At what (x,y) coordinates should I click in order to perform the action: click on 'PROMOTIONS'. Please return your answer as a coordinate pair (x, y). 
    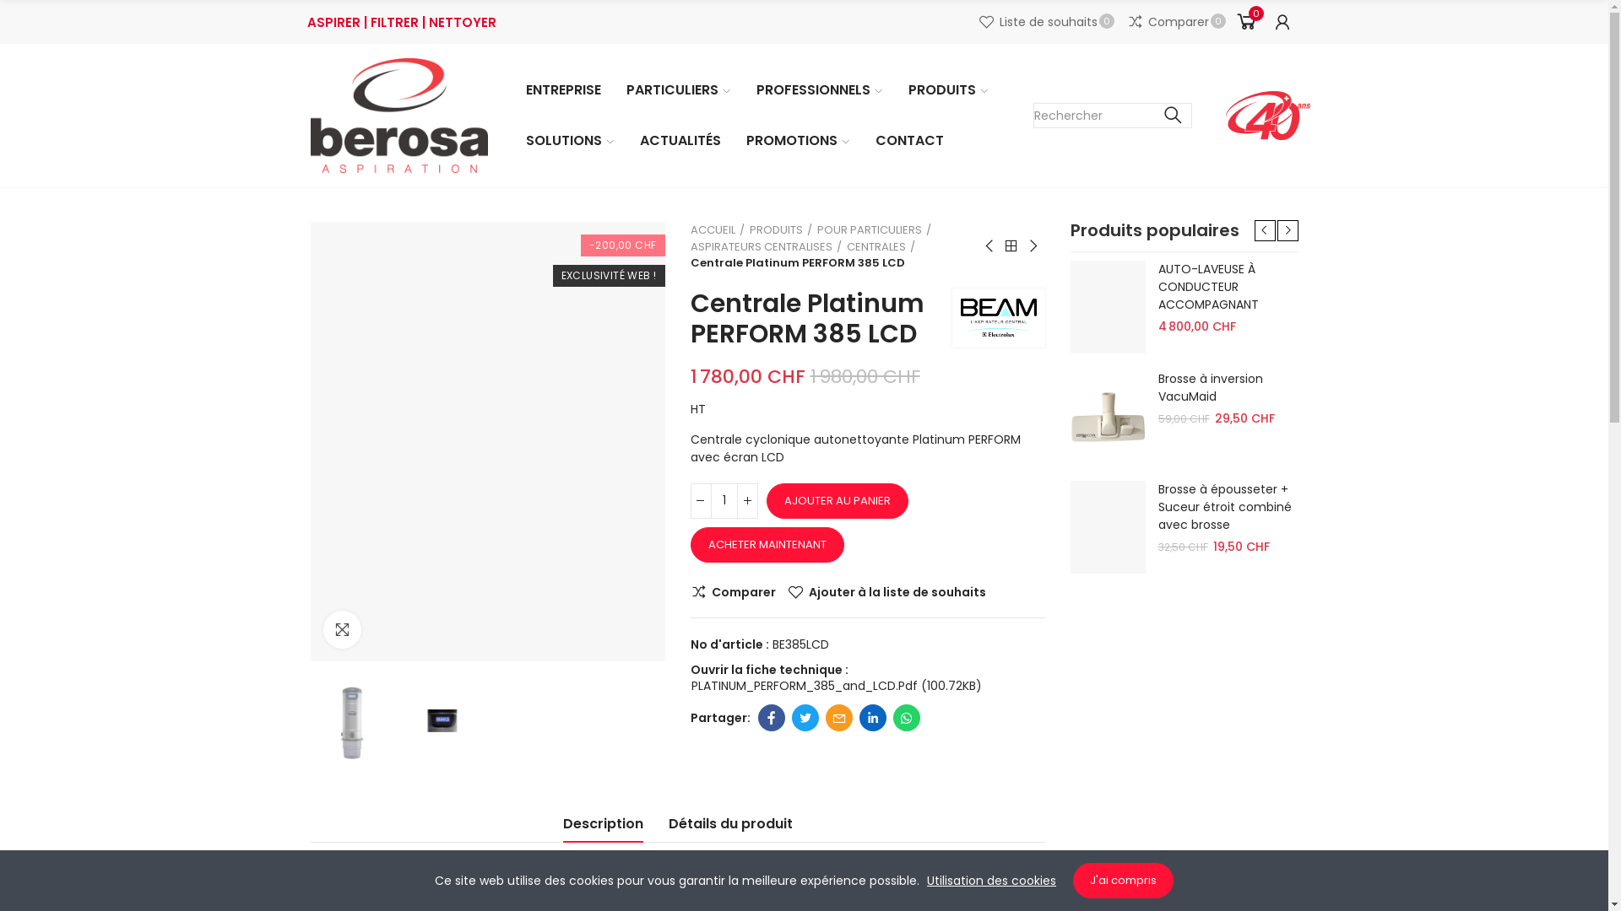
    Looking at the image, I should click on (796, 139).